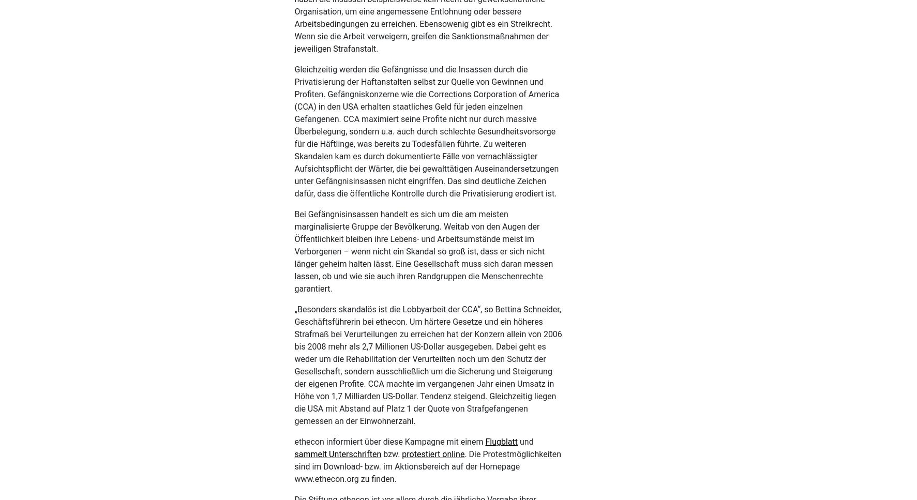 This screenshot has height=500, width=917. Describe the element at coordinates (483, 92) in the screenshot. I see `'Elias Bierdel'` at that location.